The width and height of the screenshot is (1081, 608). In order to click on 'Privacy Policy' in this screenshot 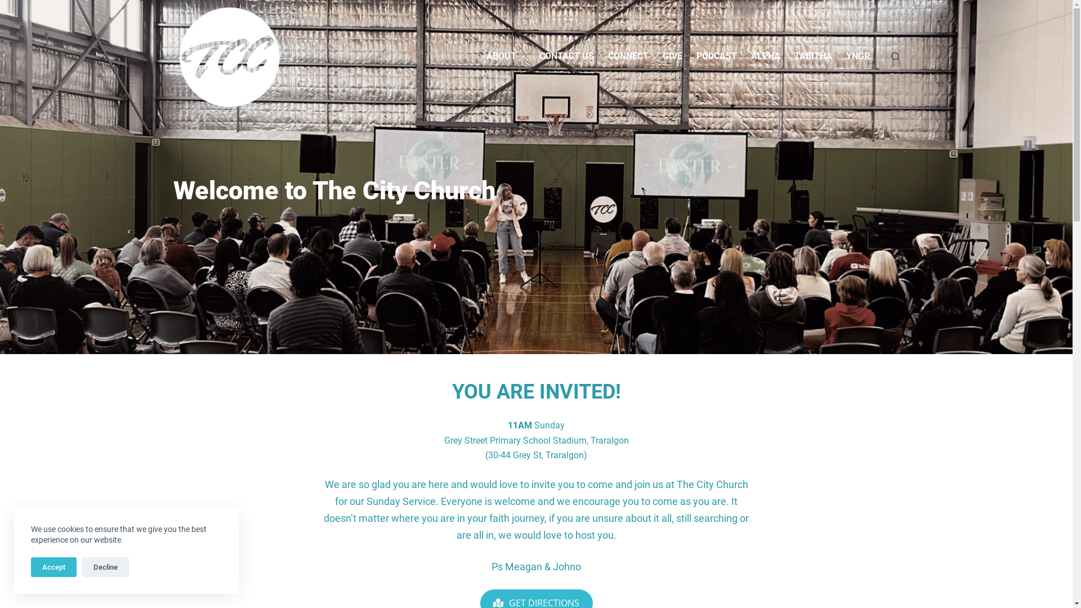, I will do `click(201, 515)`.